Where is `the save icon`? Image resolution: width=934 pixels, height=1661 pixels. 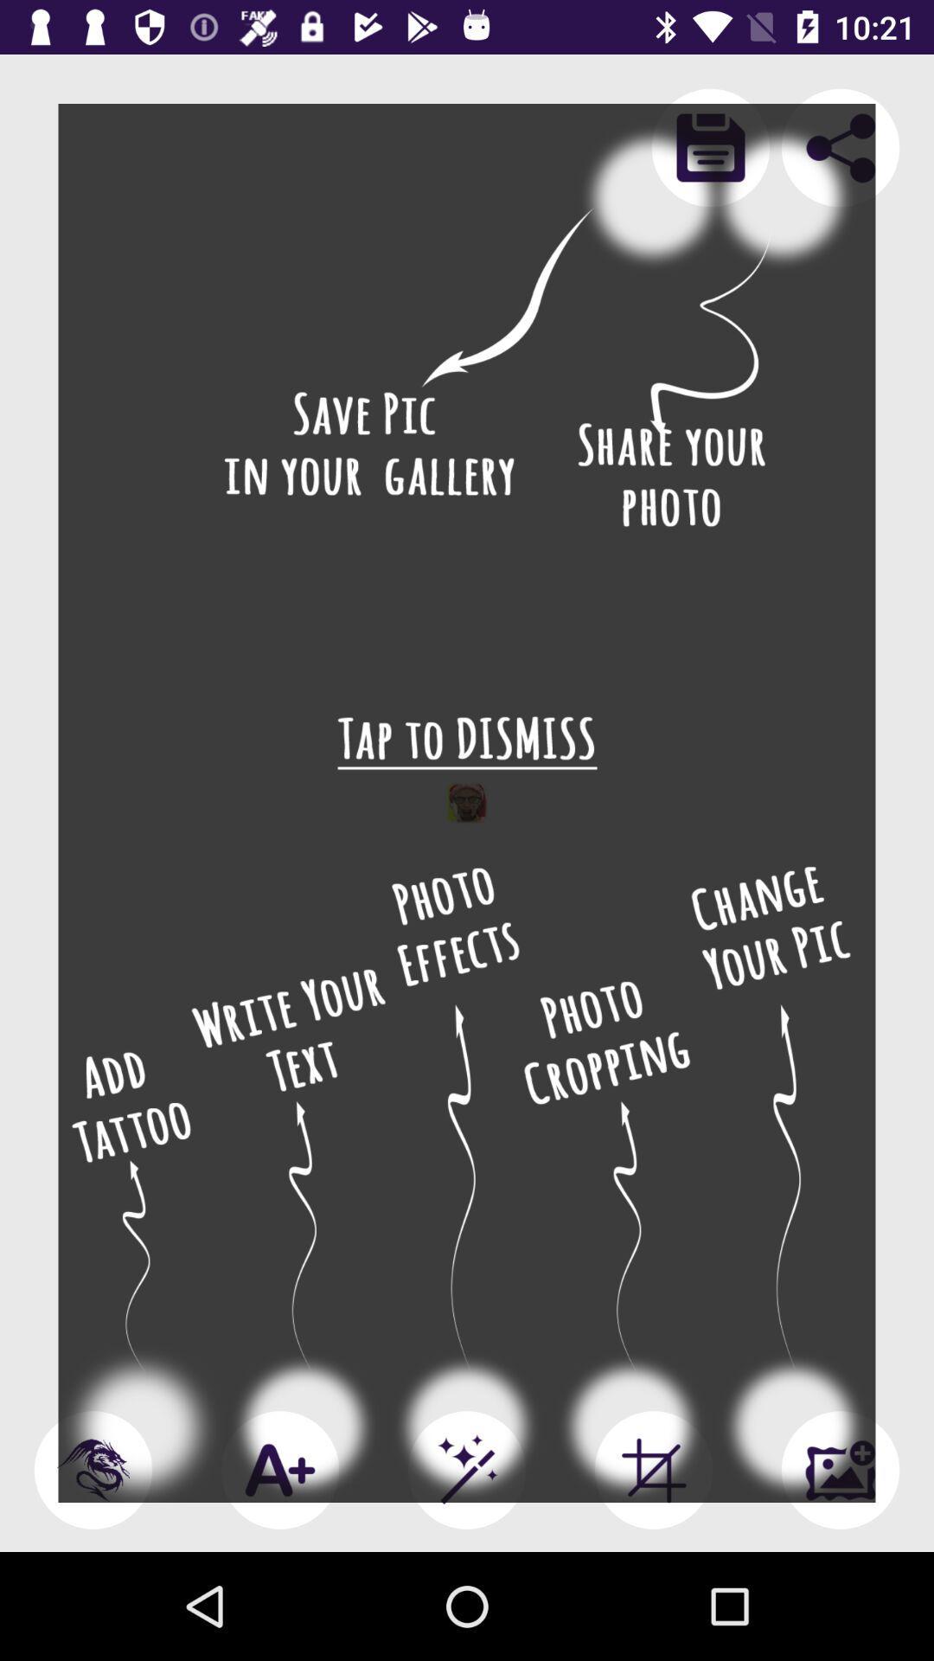 the save icon is located at coordinates (710, 148).